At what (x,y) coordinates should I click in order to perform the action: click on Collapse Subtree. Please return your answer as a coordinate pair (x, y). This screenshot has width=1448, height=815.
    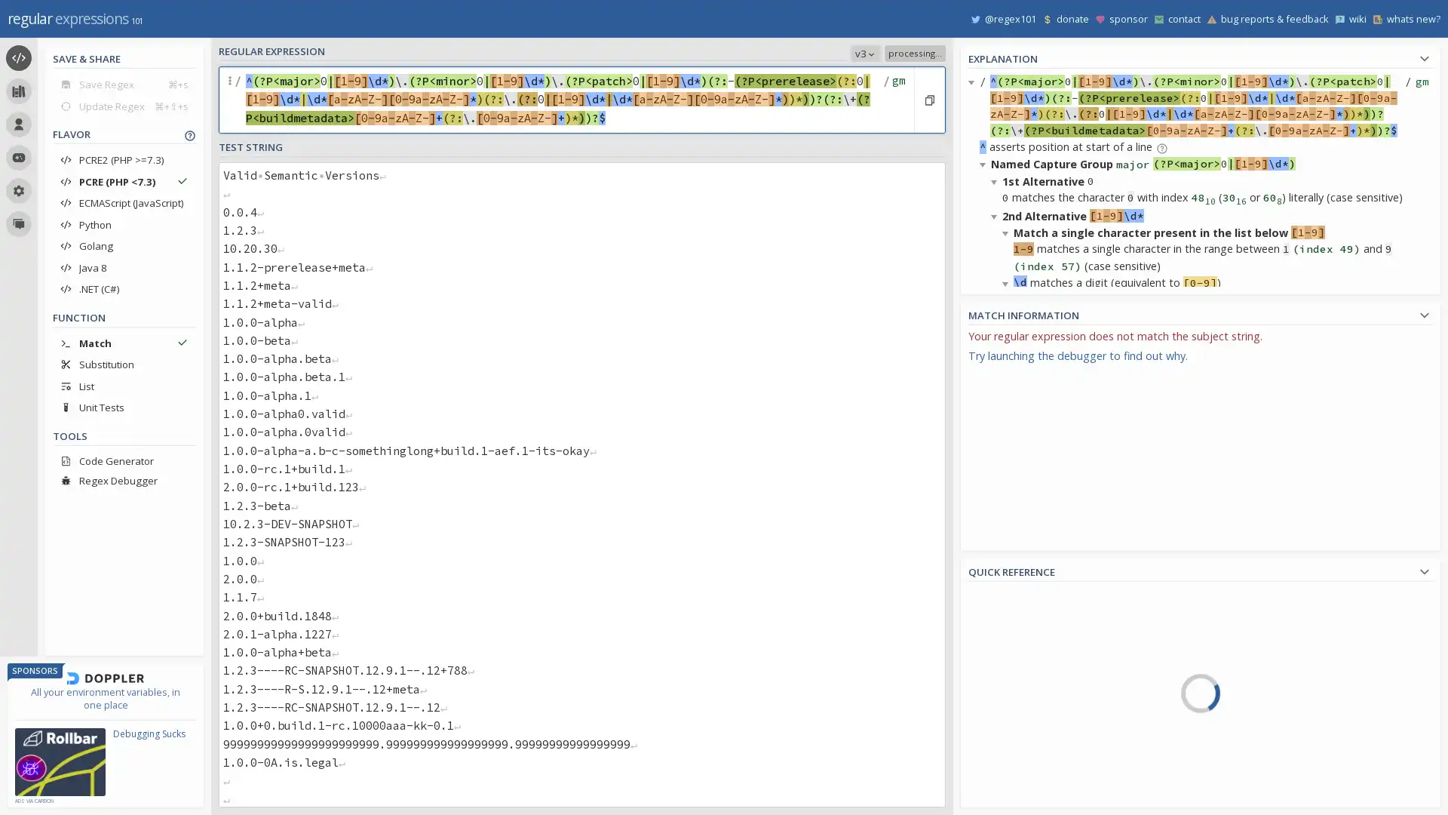
    Looking at the image, I should click on (1008, 232).